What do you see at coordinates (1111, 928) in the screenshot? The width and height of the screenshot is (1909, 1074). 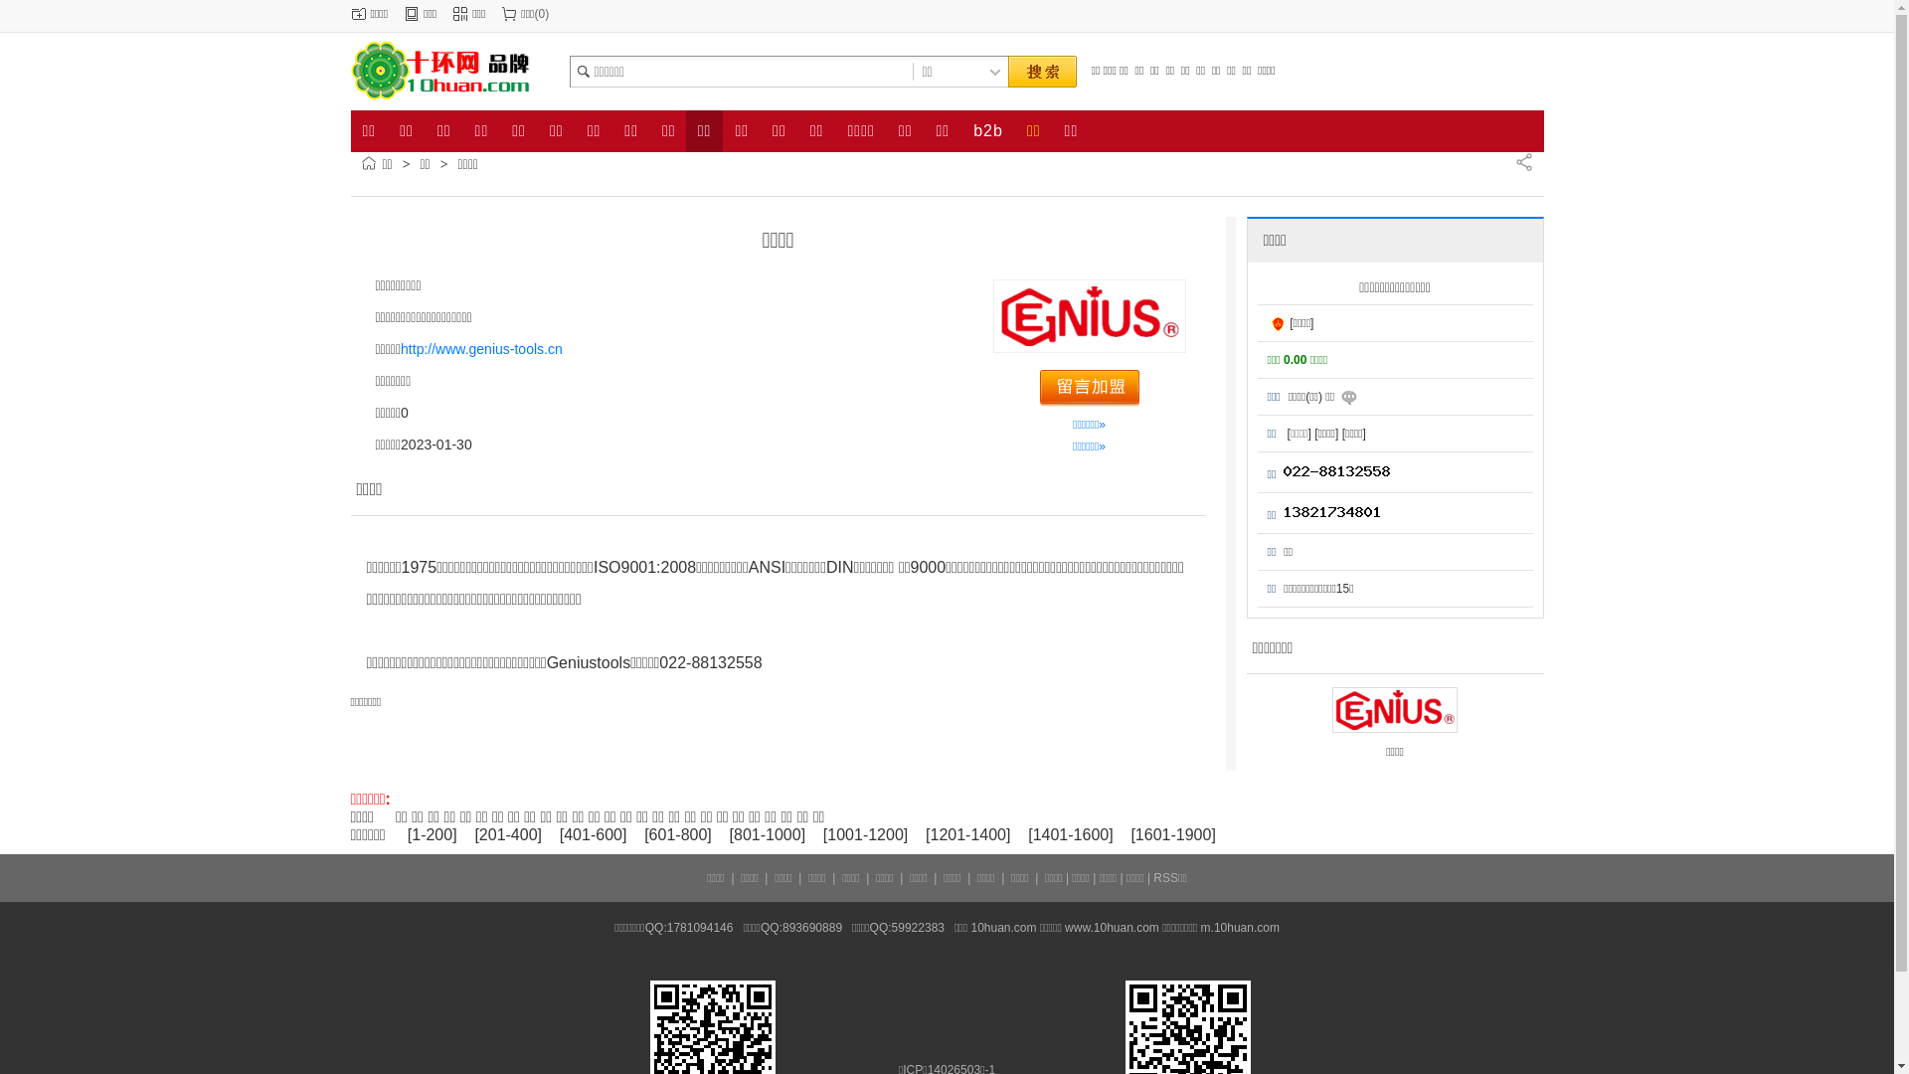 I see `'www.10huan.com'` at bounding box center [1111, 928].